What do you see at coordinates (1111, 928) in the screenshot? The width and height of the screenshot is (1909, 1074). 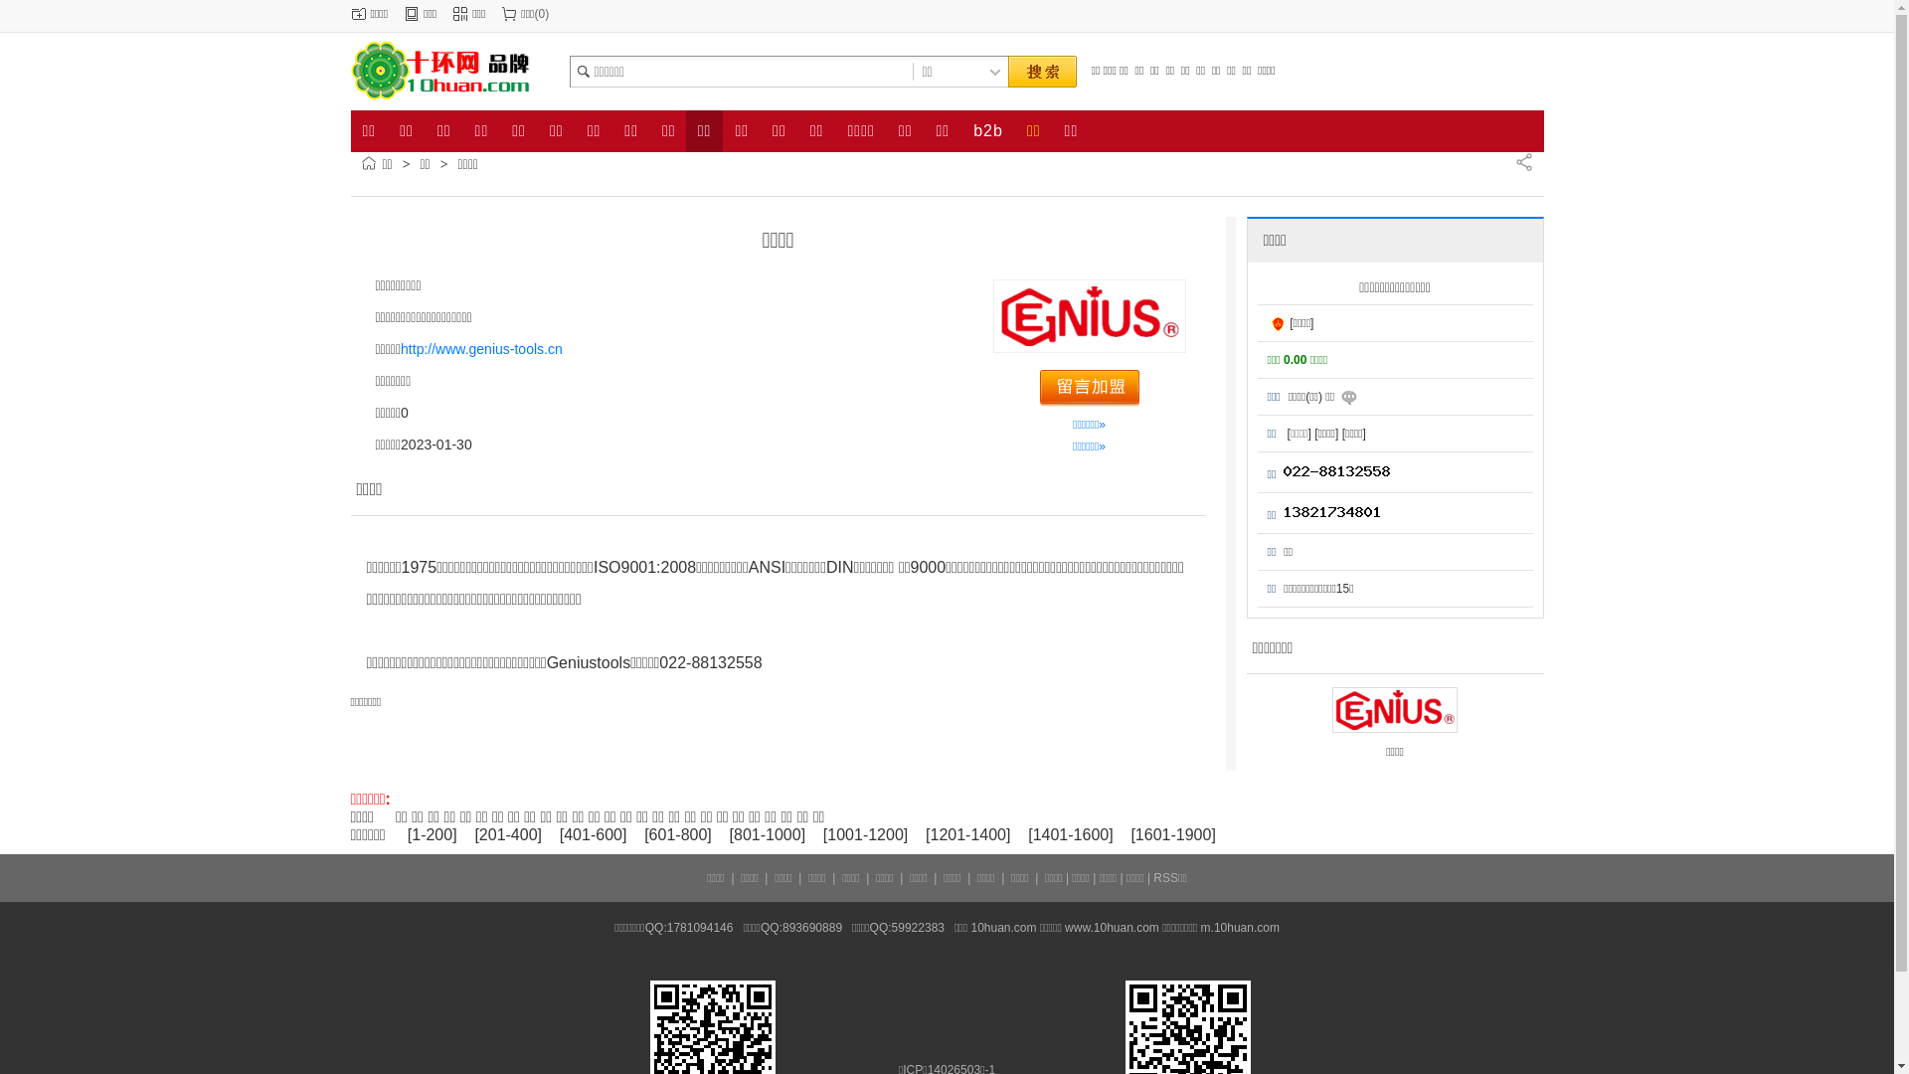 I see `'www.10huan.com'` at bounding box center [1111, 928].